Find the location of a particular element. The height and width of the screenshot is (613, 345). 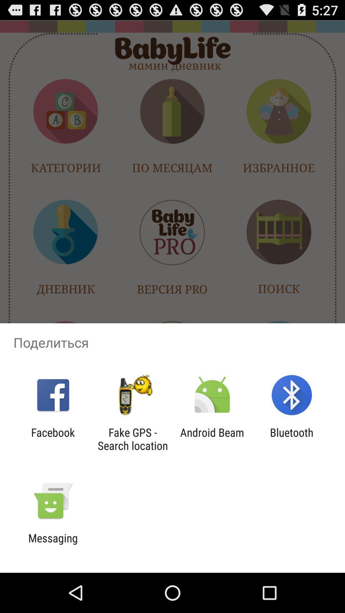

item next to bluetooth item is located at coordinates (212, 439).